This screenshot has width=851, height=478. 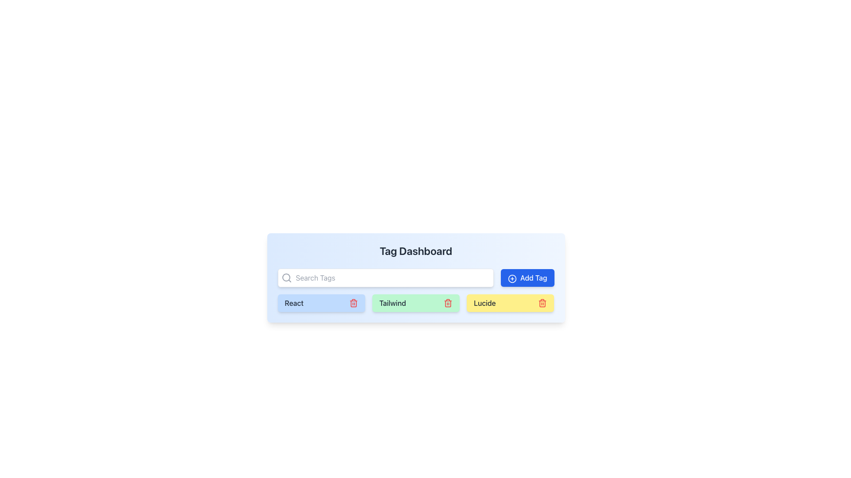 What do you see at coordinates (286, 278) in the screenshot?
I see `the iconic magnifying glass symbol located at the start of the 'Search Tags' input component` at bounding box center [286, 278].